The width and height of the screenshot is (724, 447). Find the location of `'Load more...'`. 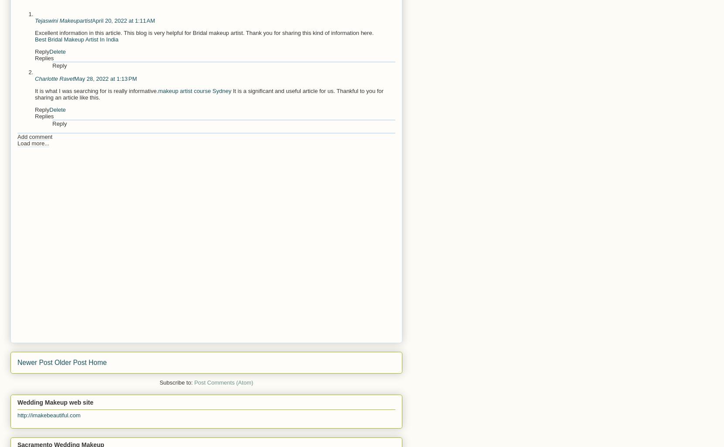

'Load more...' is located at coordinates (33, 143).